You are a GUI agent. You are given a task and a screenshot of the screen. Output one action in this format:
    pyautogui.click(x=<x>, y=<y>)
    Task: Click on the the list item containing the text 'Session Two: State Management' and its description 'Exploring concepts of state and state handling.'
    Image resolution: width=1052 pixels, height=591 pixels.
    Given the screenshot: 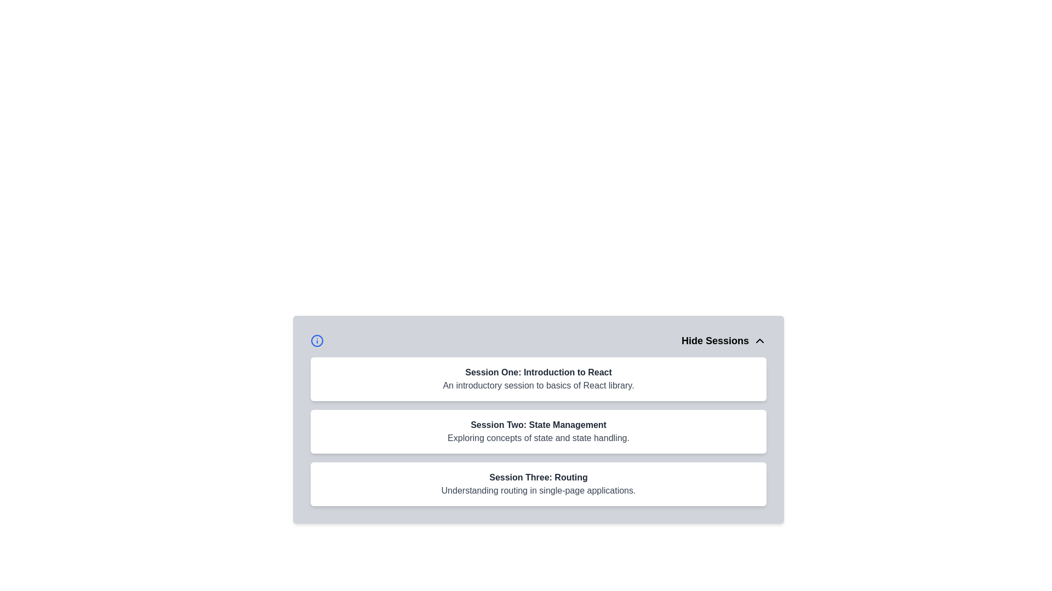 What is the action you would take?
    pyautogui.click(x=539, y=431)
    